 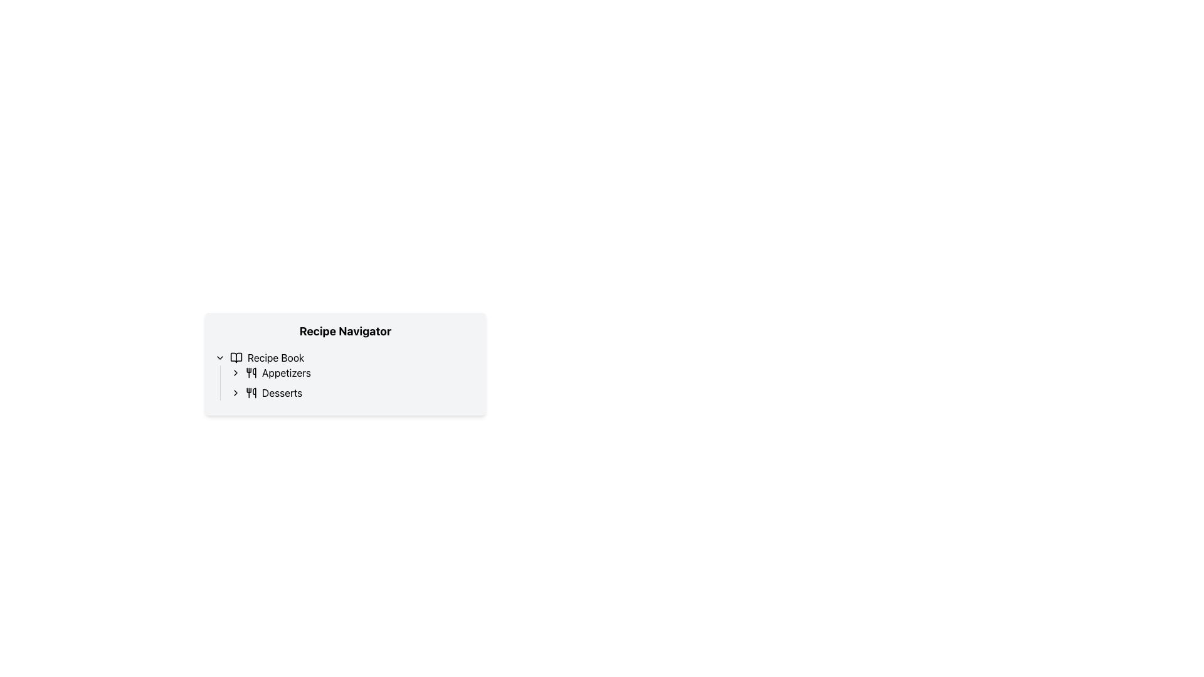 What do you see at coordinates (251, 372) in the screenshot?
I see `the food-related icon indicating 'Appetizers'` at bounding box center [251, 372].